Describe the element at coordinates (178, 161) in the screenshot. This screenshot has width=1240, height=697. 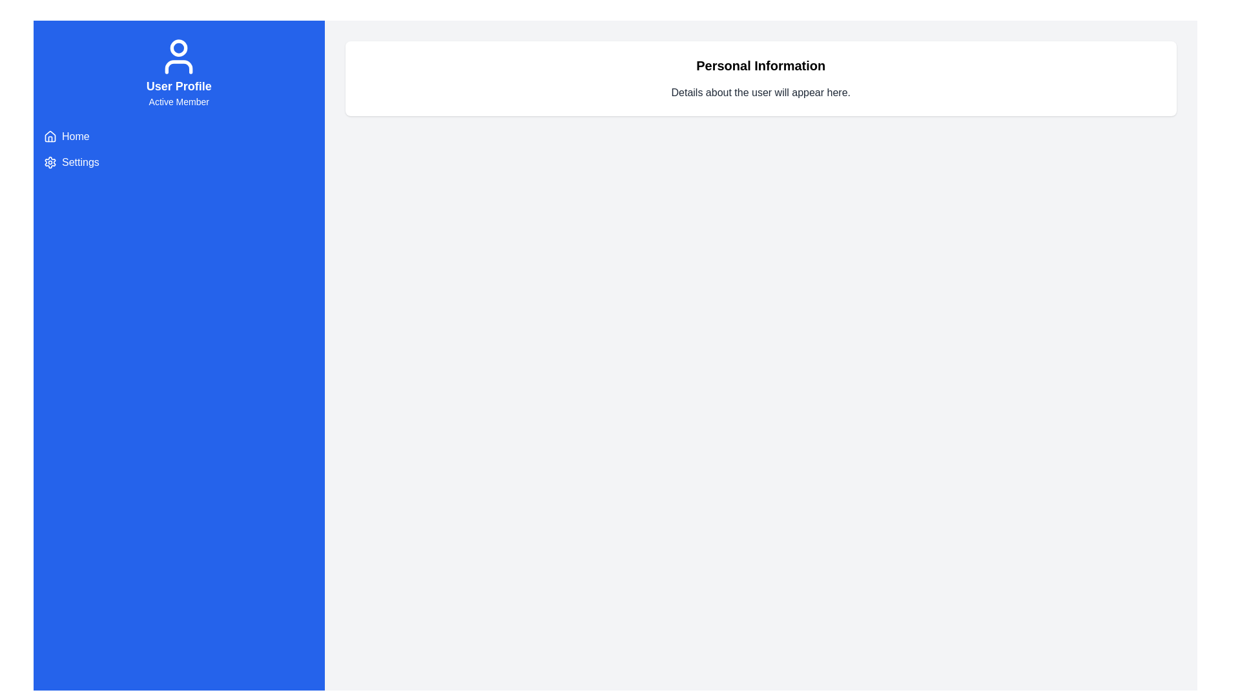
I see `the second menu item in the left sidebar, which navigates to the settings page` at that location.